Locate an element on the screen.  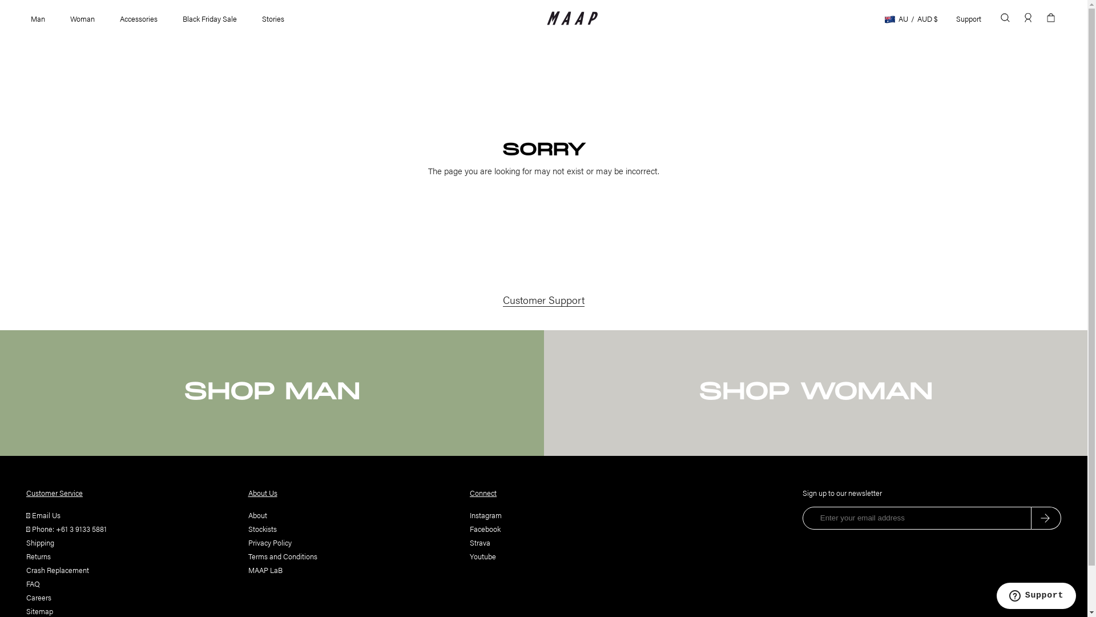
'AU is located at coordinates (910, 18).